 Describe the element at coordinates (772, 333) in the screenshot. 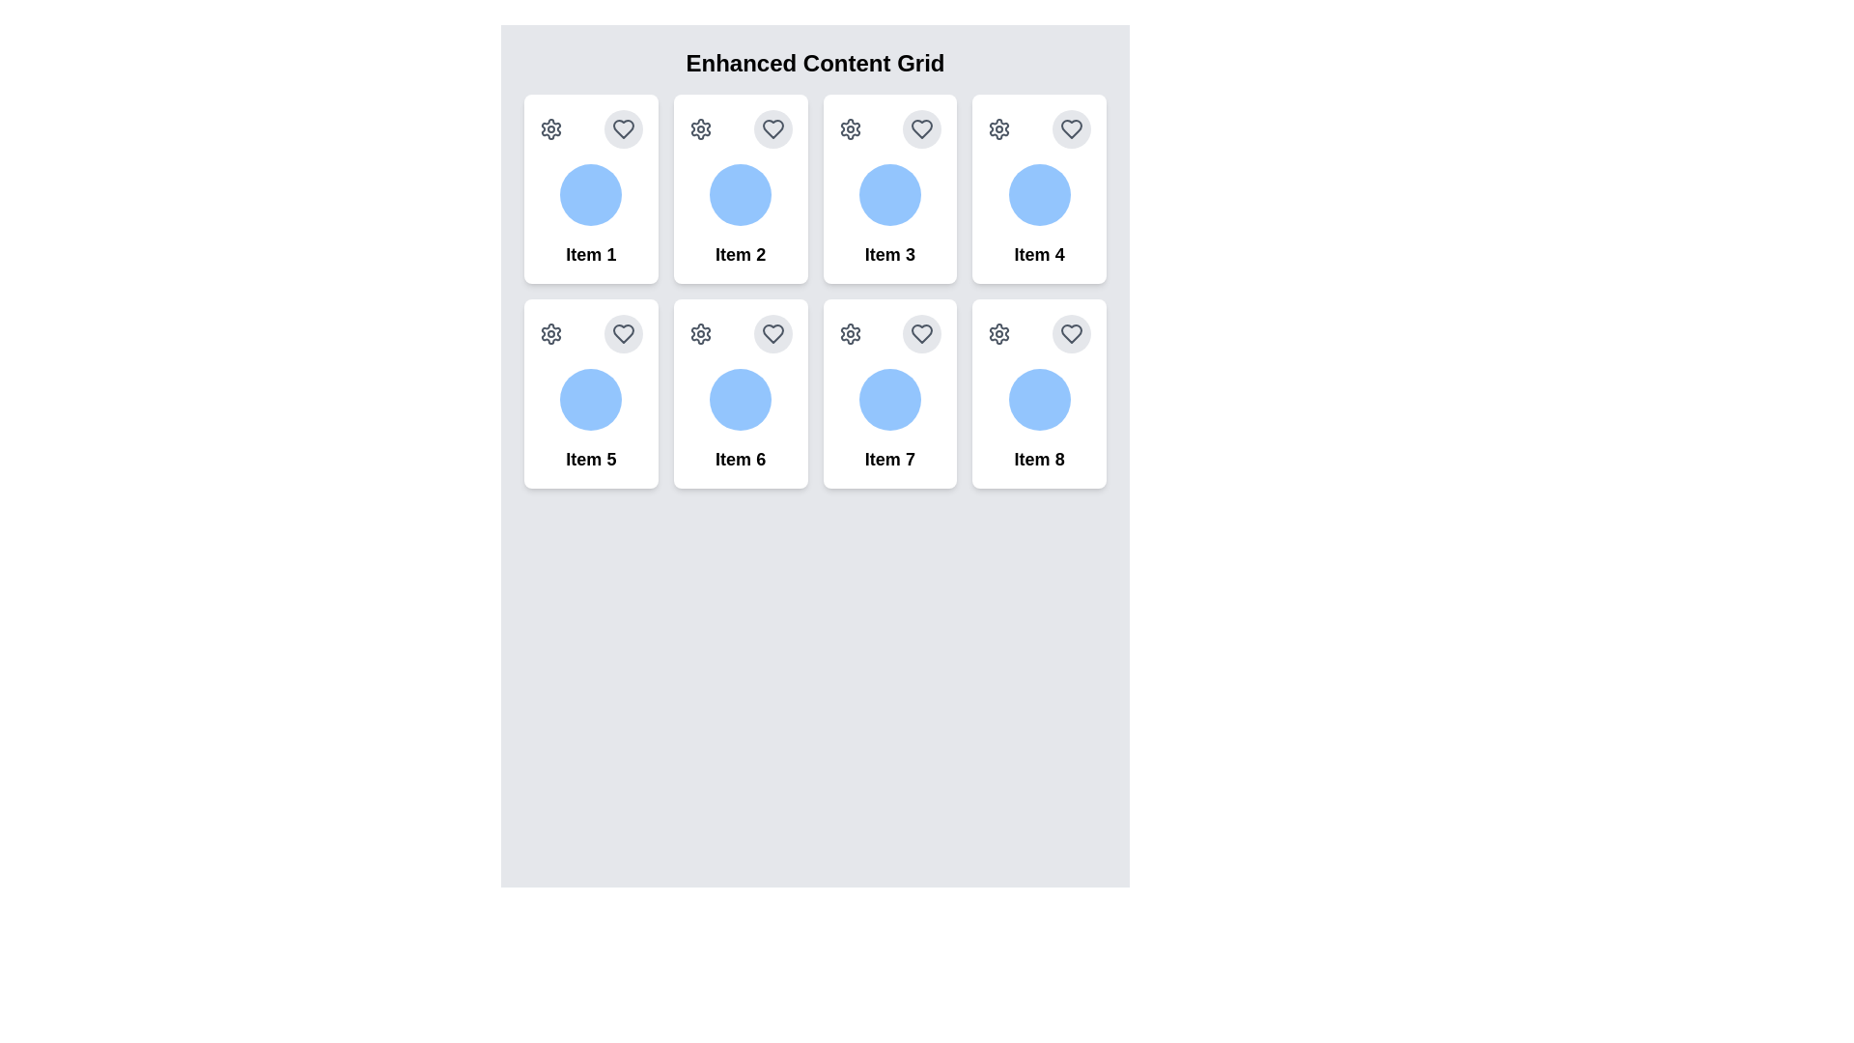

I see `the heart icon in the upper-right corner of the sixth item in the 'Enhanced Content Grid'` at that location.